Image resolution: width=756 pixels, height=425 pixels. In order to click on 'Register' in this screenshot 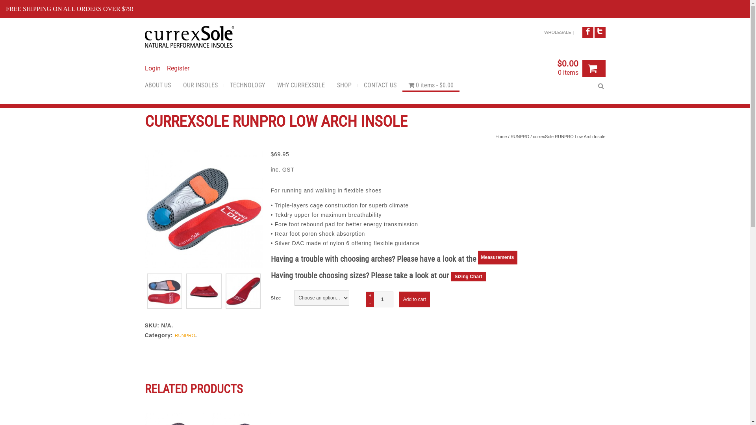, I will do `click(166, 68)`.